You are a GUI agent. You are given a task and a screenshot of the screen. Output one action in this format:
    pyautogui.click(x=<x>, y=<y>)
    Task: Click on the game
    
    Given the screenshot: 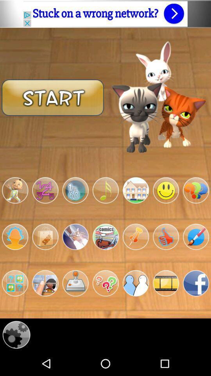 What is the action you would take?
    pyautogui.click(x=75, y=283)
    